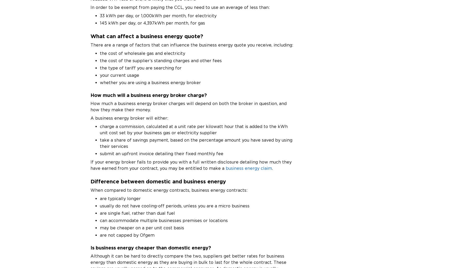  What do you see at coordinates (129, 118) in the screenshot?
I see `'A business energy broker will either:'` at bounding box center [129, 118].